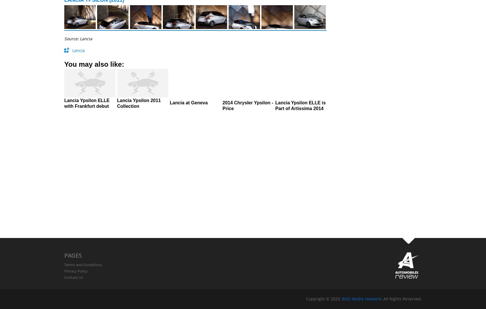 The width and height of the screenshot is (486, 309). I want to click on '2014 Chrysler Ypsilon - Price', so click(223, 105).